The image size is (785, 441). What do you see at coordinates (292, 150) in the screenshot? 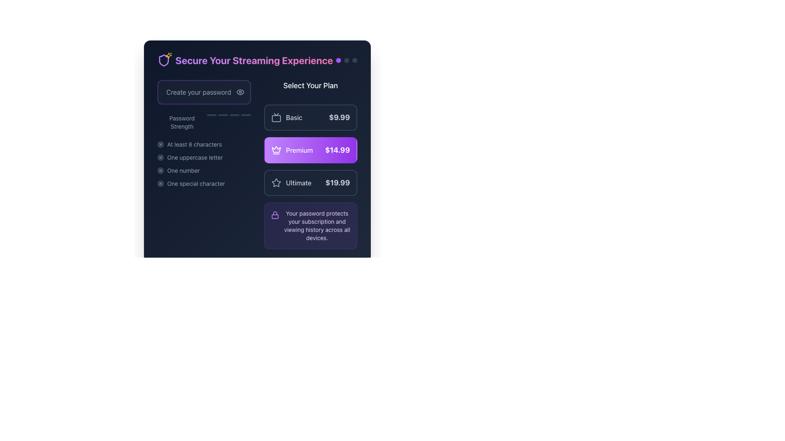
I see `the 'Premium' label with a crown icon, which is centrally located in the 'Select Your Plan' section` at bounding box center [292, 150].